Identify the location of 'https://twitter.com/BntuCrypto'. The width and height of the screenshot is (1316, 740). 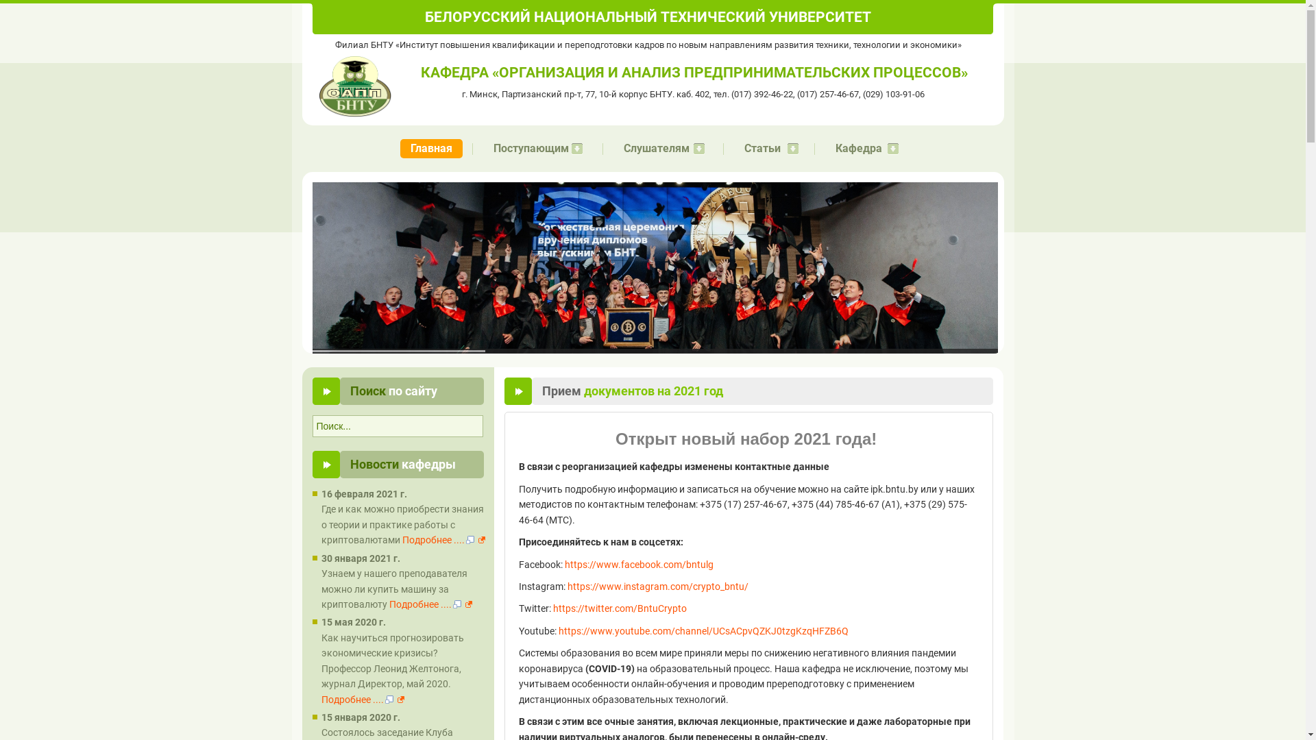
(618, 607).